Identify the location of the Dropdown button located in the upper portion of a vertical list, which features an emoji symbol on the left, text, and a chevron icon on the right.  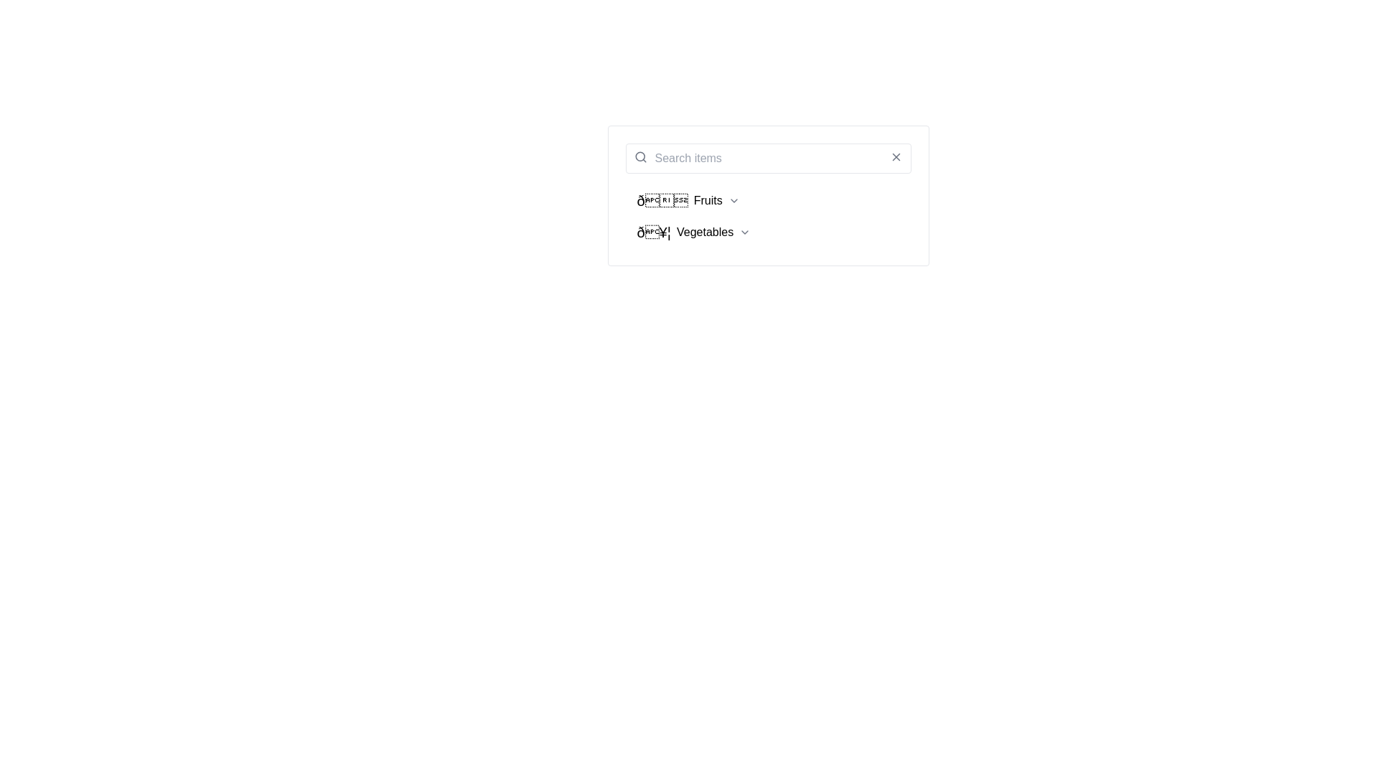
(688, 201).